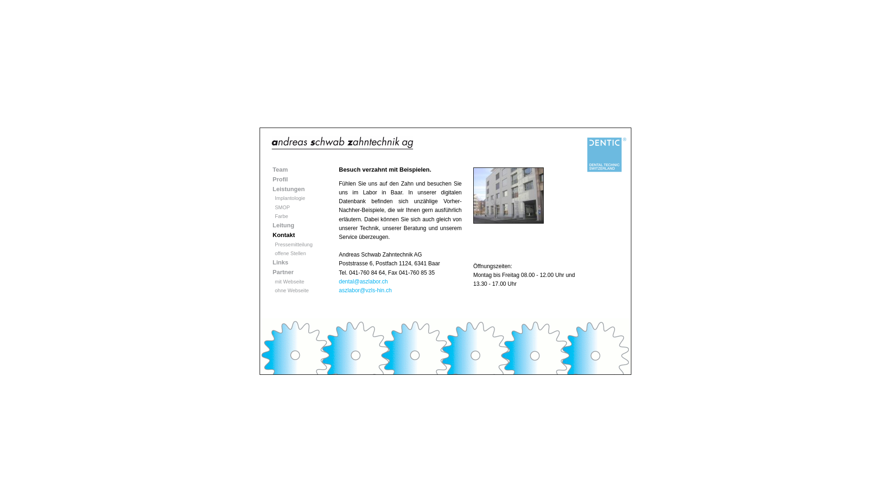  What do you see at coordinates (291, 289) in the screenshot?
I see `'ohne Webseite'` at bounding box center [291, 289].